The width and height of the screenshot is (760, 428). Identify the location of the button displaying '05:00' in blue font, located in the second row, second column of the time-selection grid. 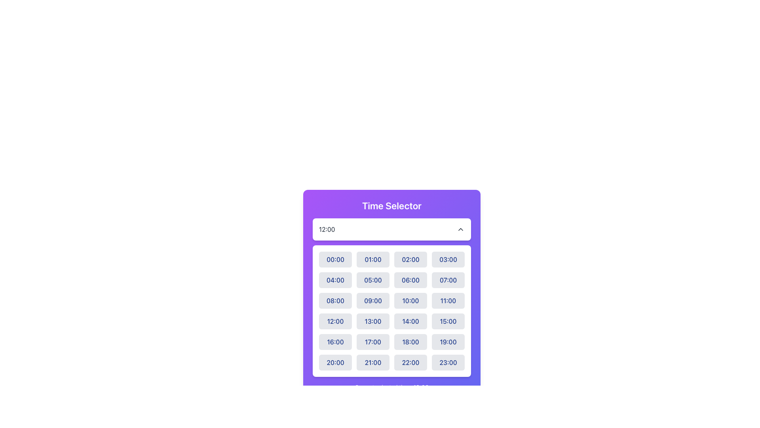
(372, 279).